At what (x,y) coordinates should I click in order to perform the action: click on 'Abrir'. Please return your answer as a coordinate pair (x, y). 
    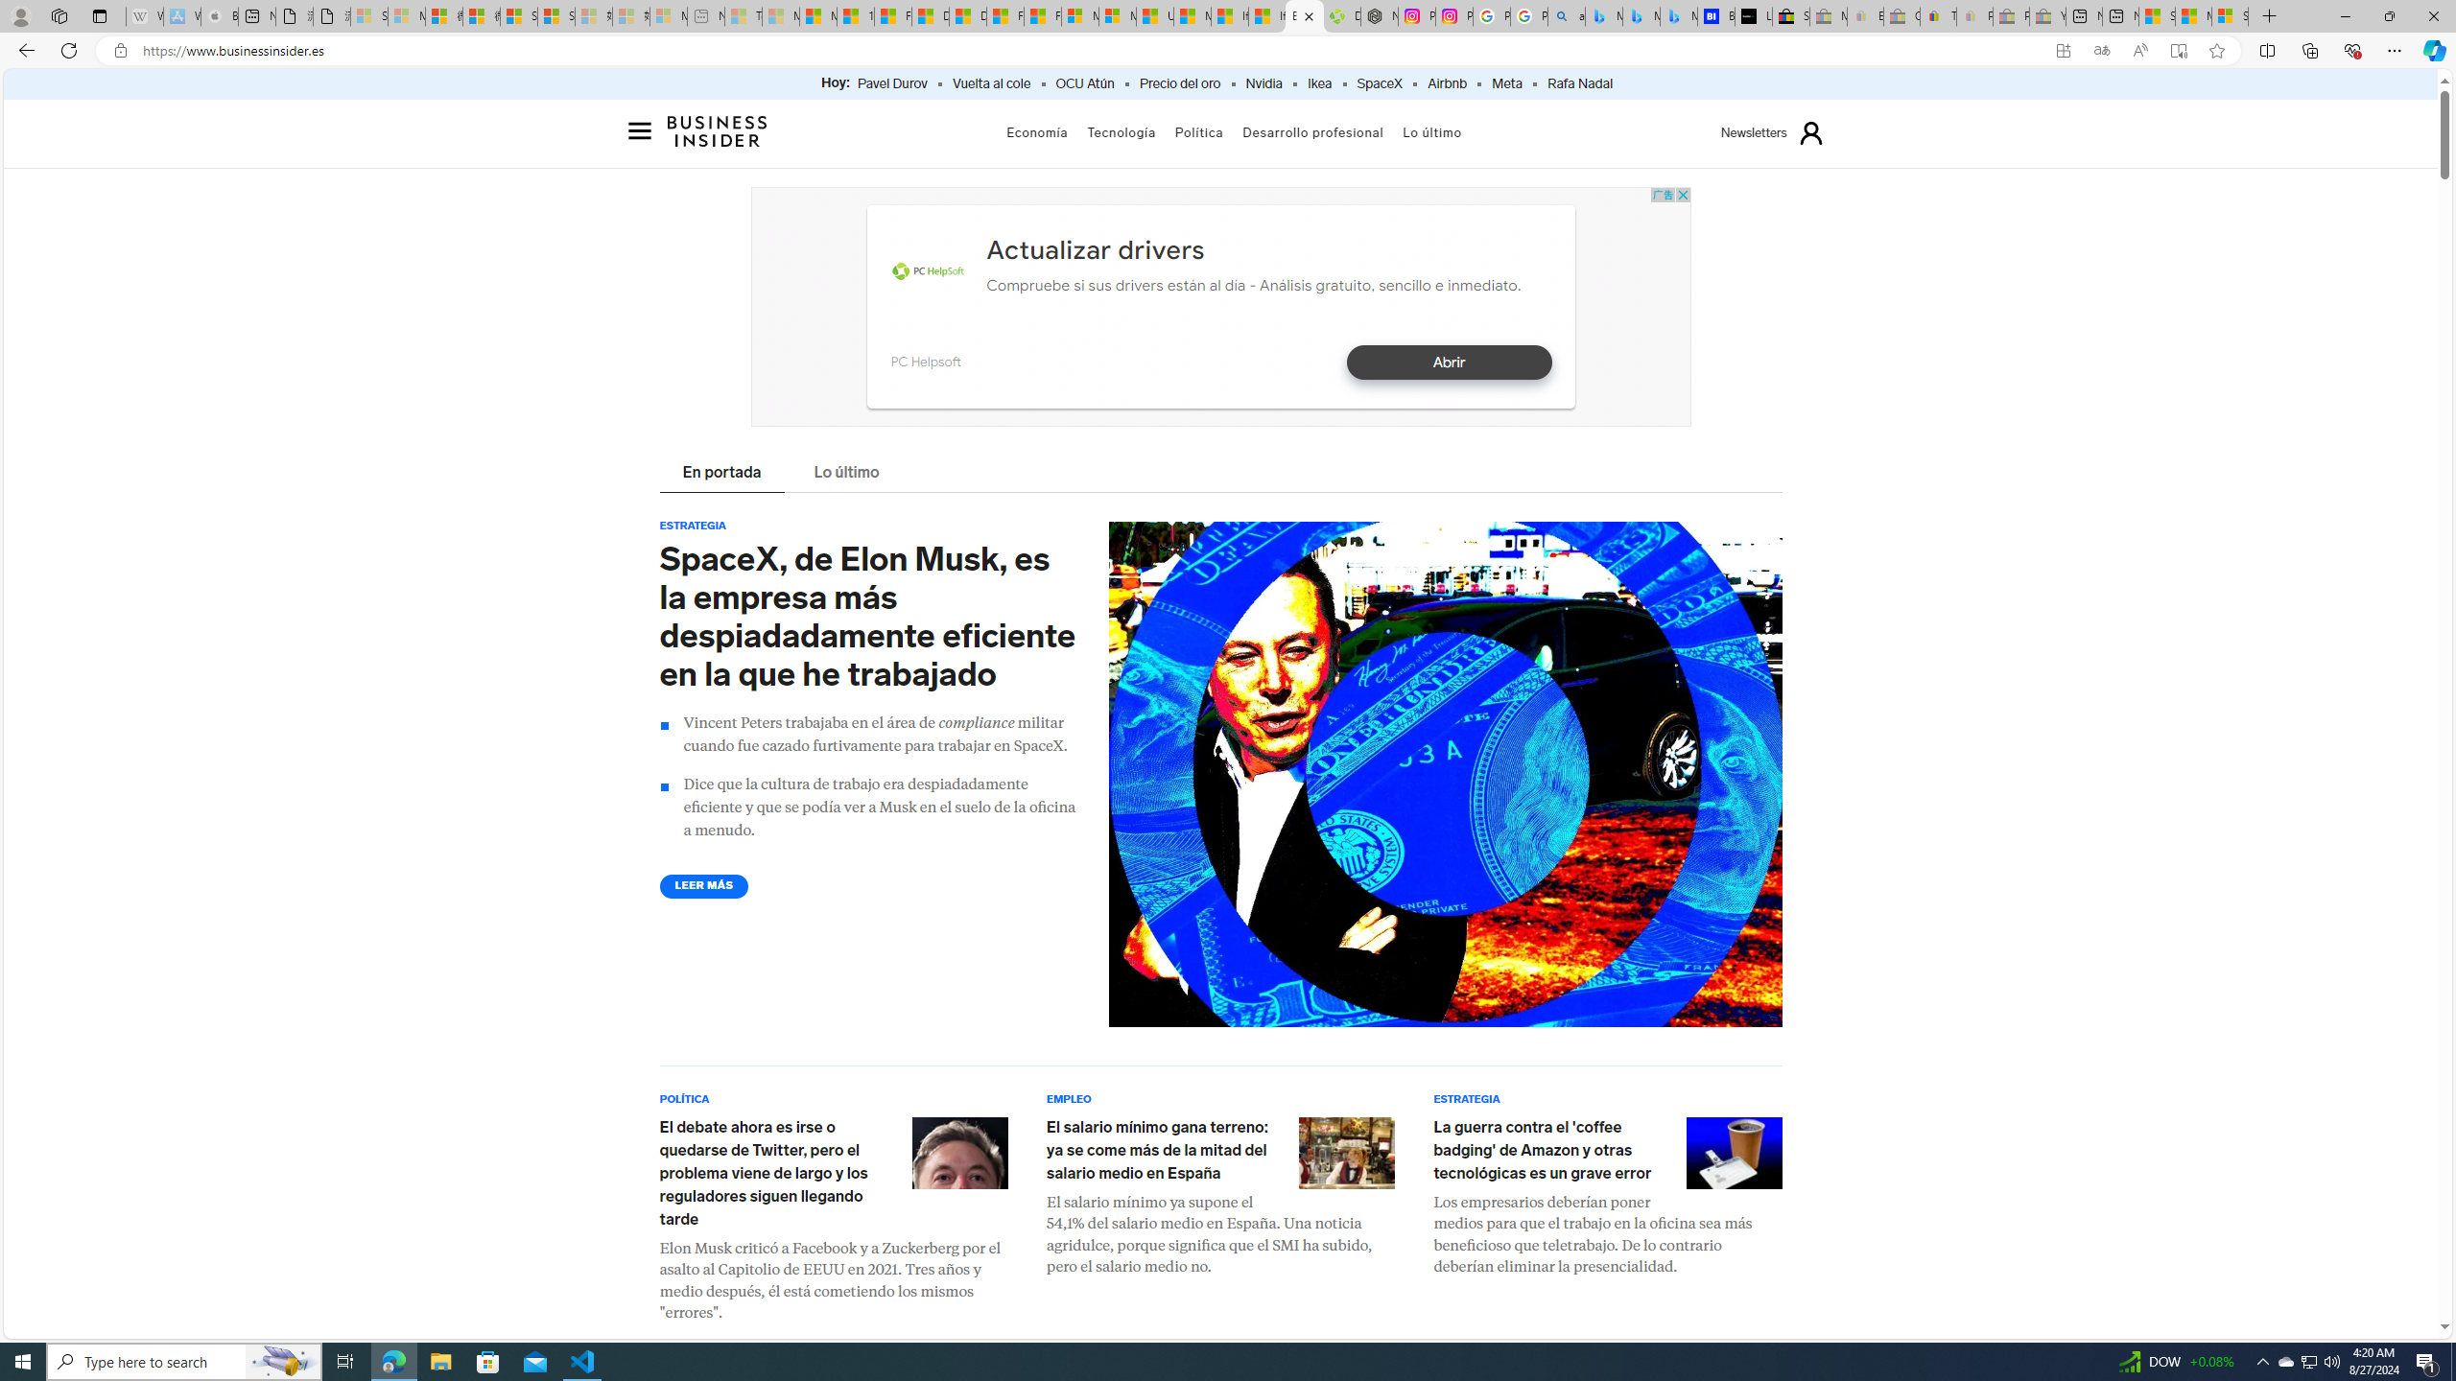
    Looking at the image, I should click on (1448, 363).